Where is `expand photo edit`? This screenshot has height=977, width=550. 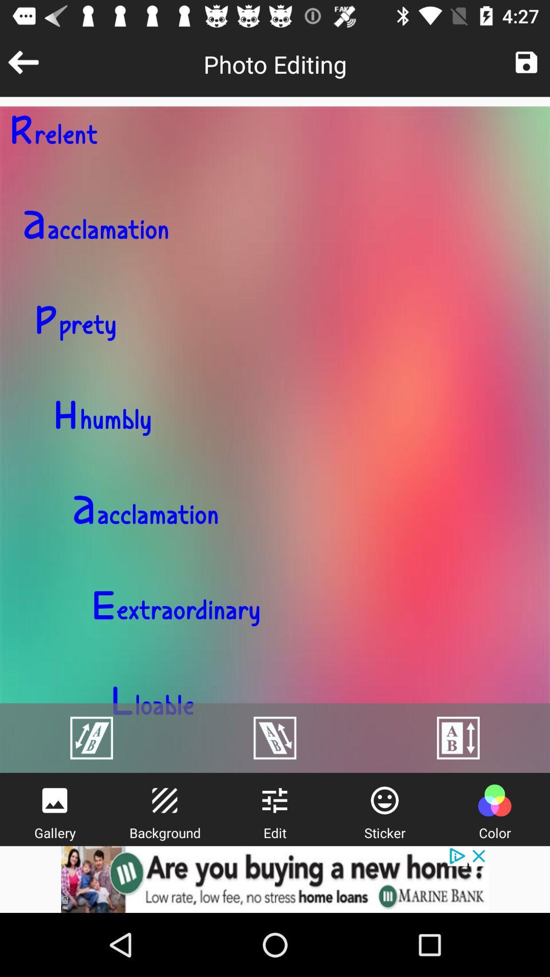
expand photo edit is located at coordinates (275, 738).